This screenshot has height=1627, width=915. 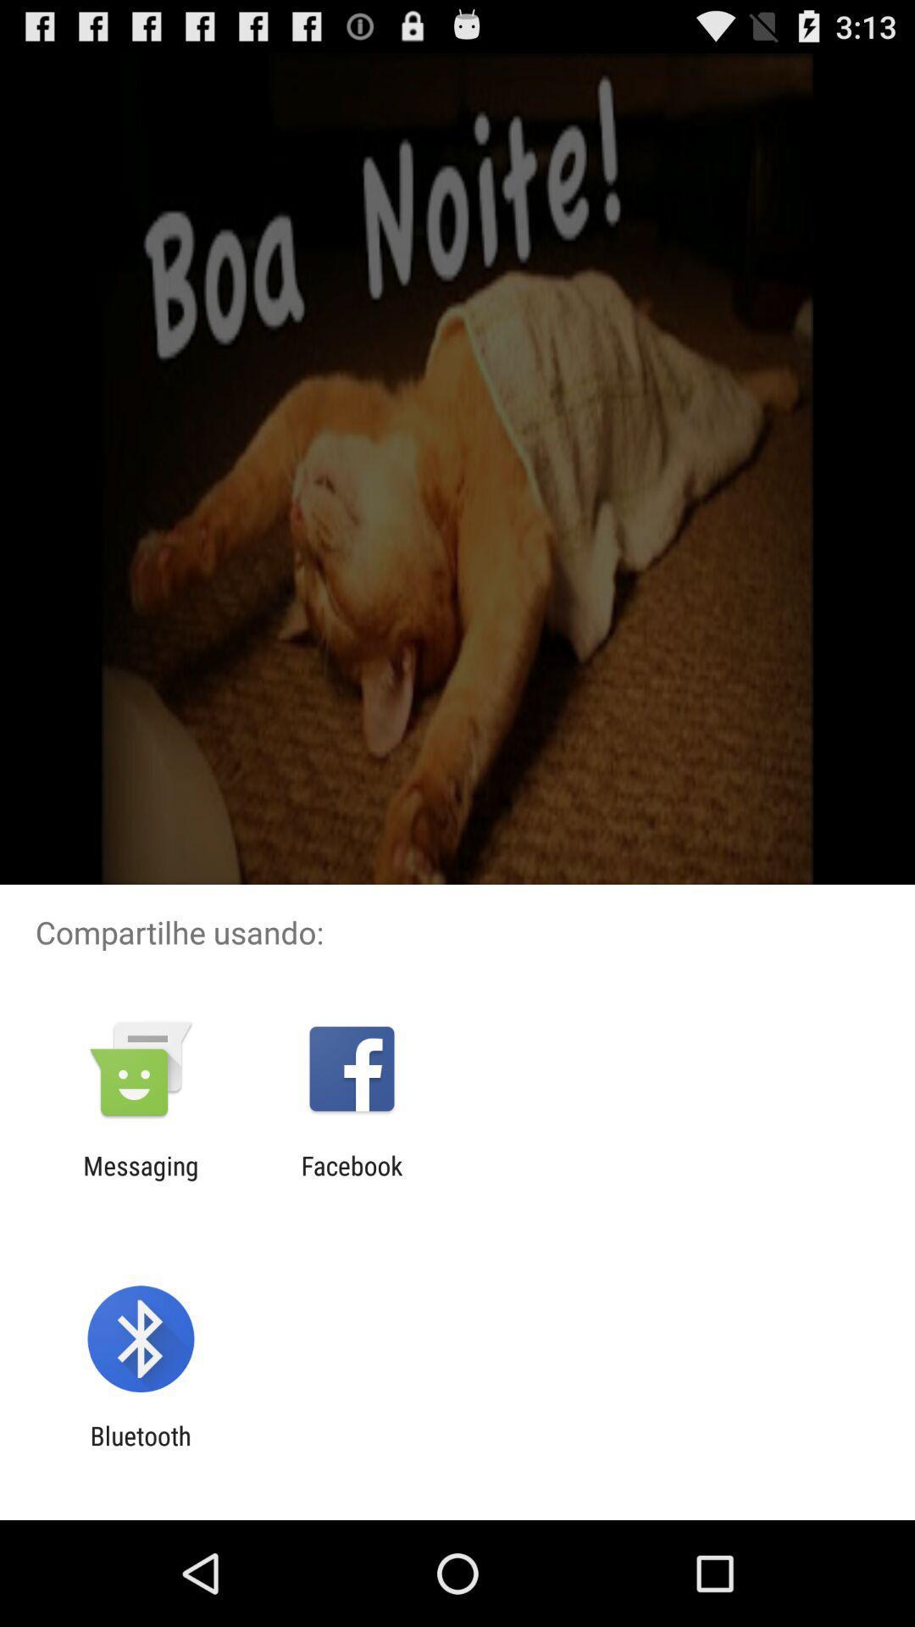 What do you see at coordinates (140, 1180) in the screenshot?
I see `the app next to the facebook` at bounding box center [140, 1180].